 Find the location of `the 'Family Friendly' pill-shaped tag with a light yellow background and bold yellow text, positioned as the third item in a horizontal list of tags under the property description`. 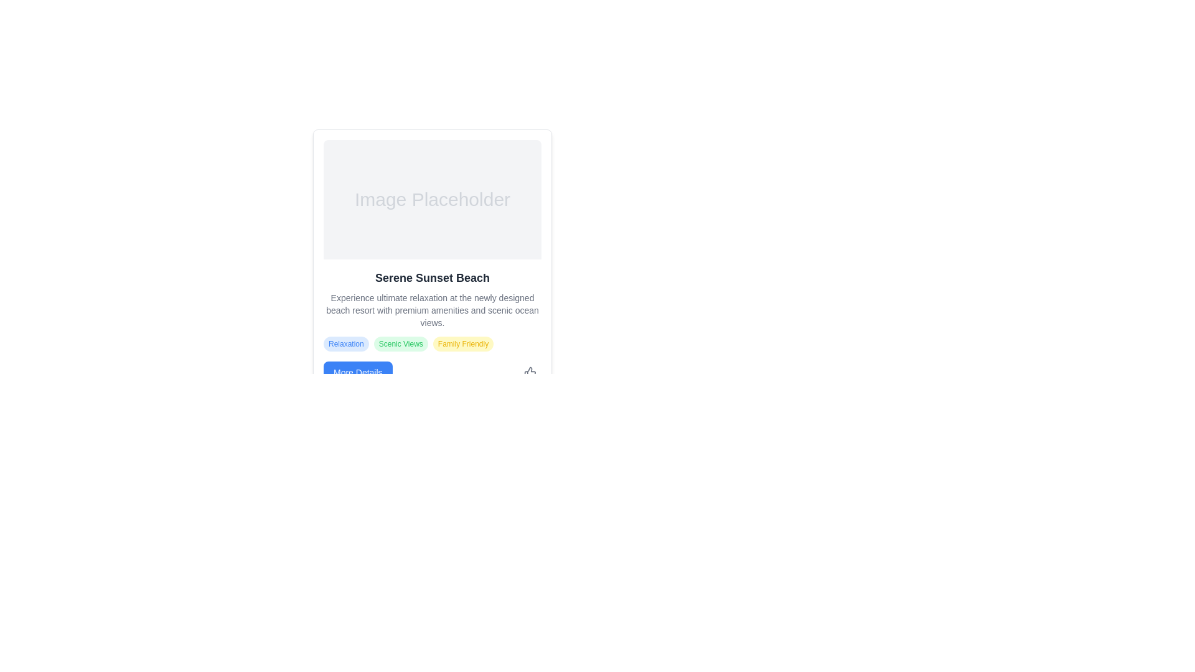

the 'Family Friendly' pill-shaped tag with a light yellow background and bold yellow text, positioned as the third item in a horizontal list of tags under the property description is located at coordinates (462, 343).